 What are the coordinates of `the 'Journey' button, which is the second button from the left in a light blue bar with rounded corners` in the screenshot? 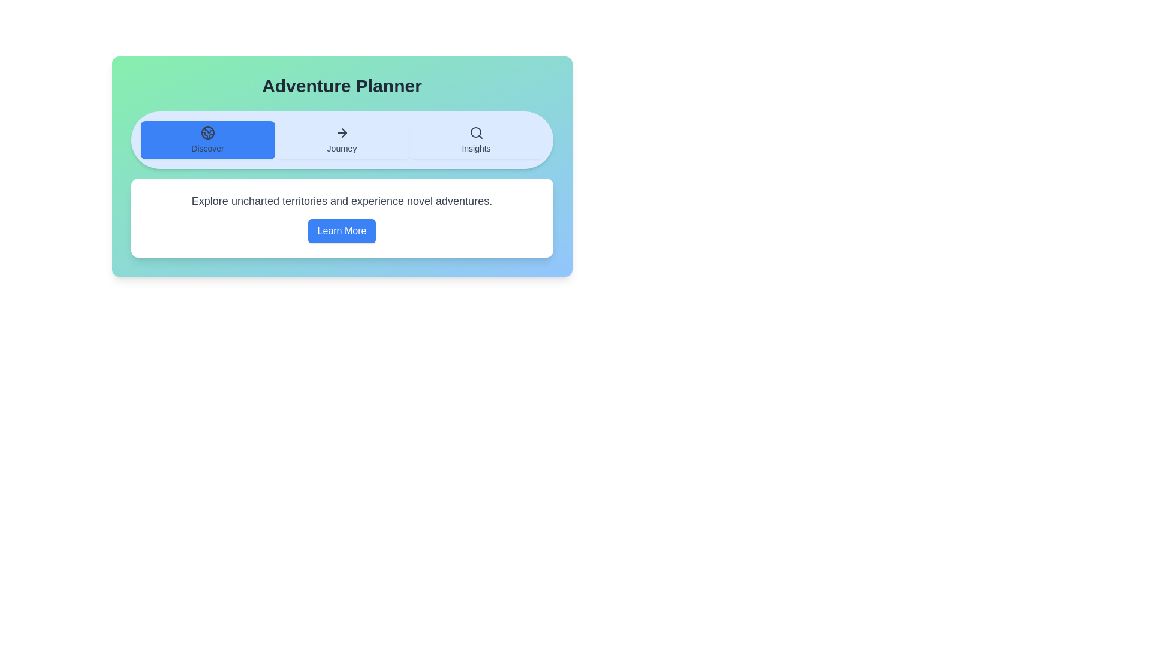 It's located at (341, 140).